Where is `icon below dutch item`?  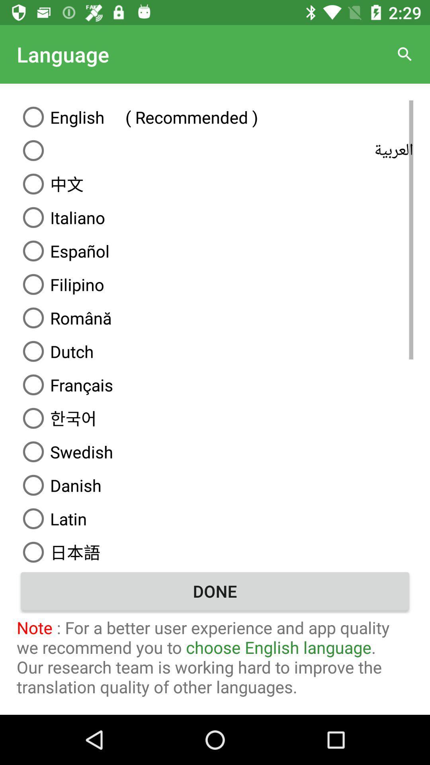
icon below dutch item is located at coordinates (215, 384).